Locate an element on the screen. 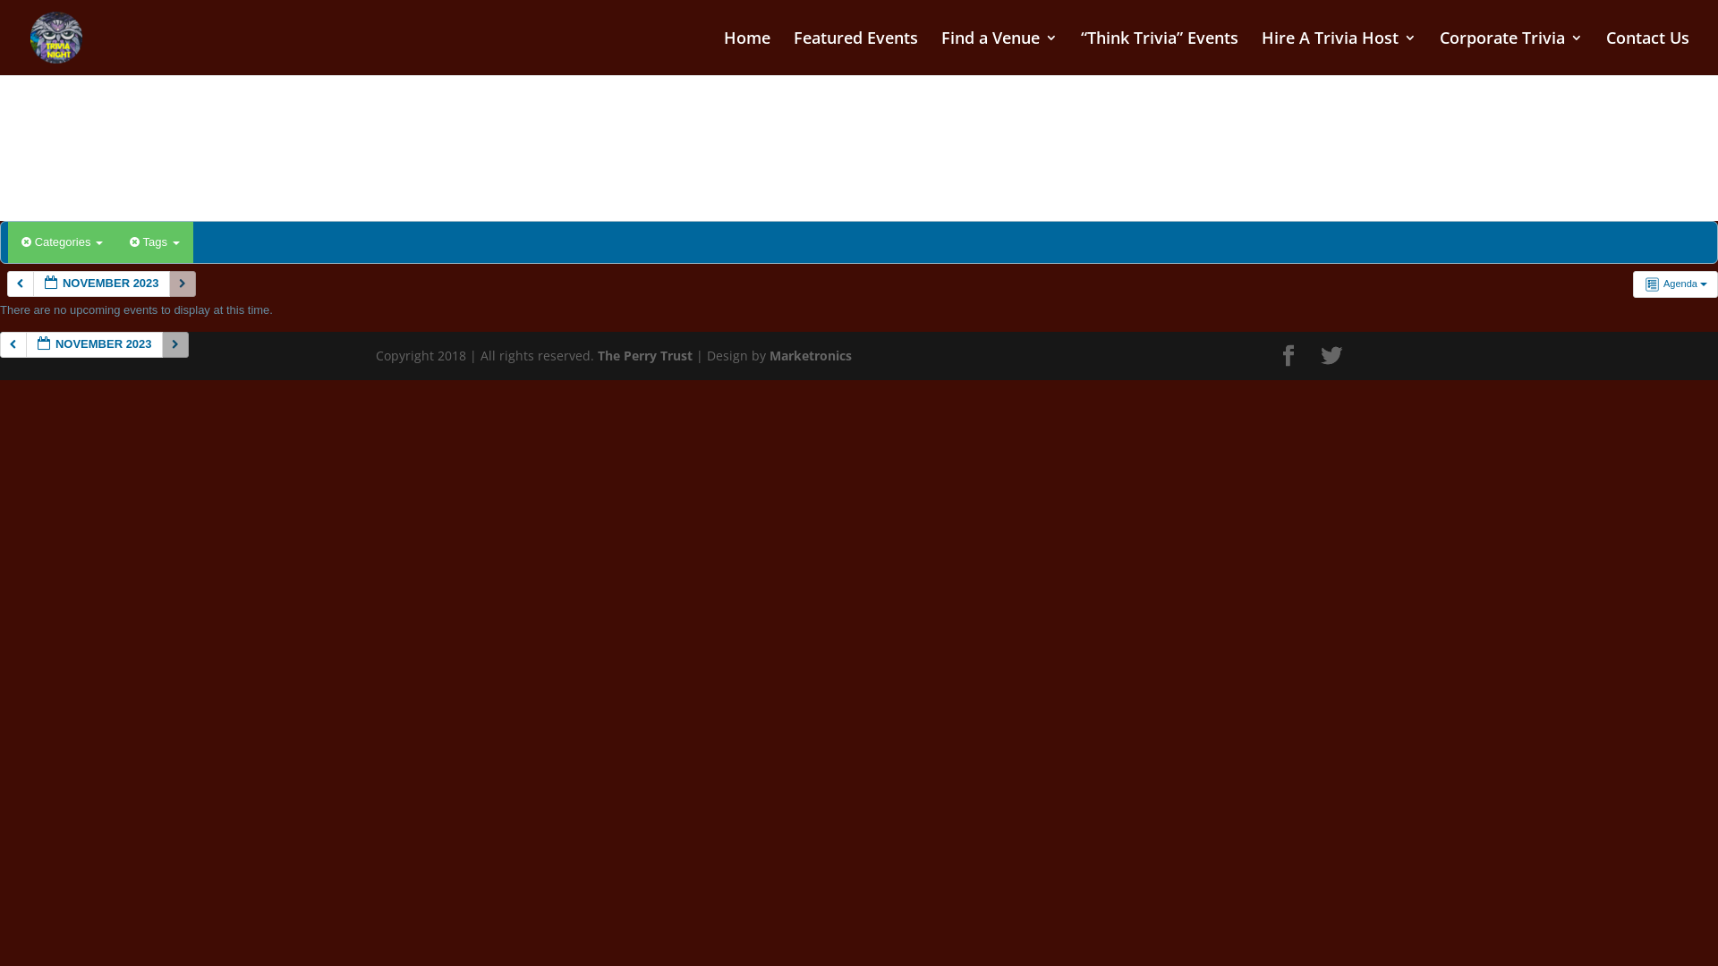  'Find a Venue' is located at coordinates (999, 52).